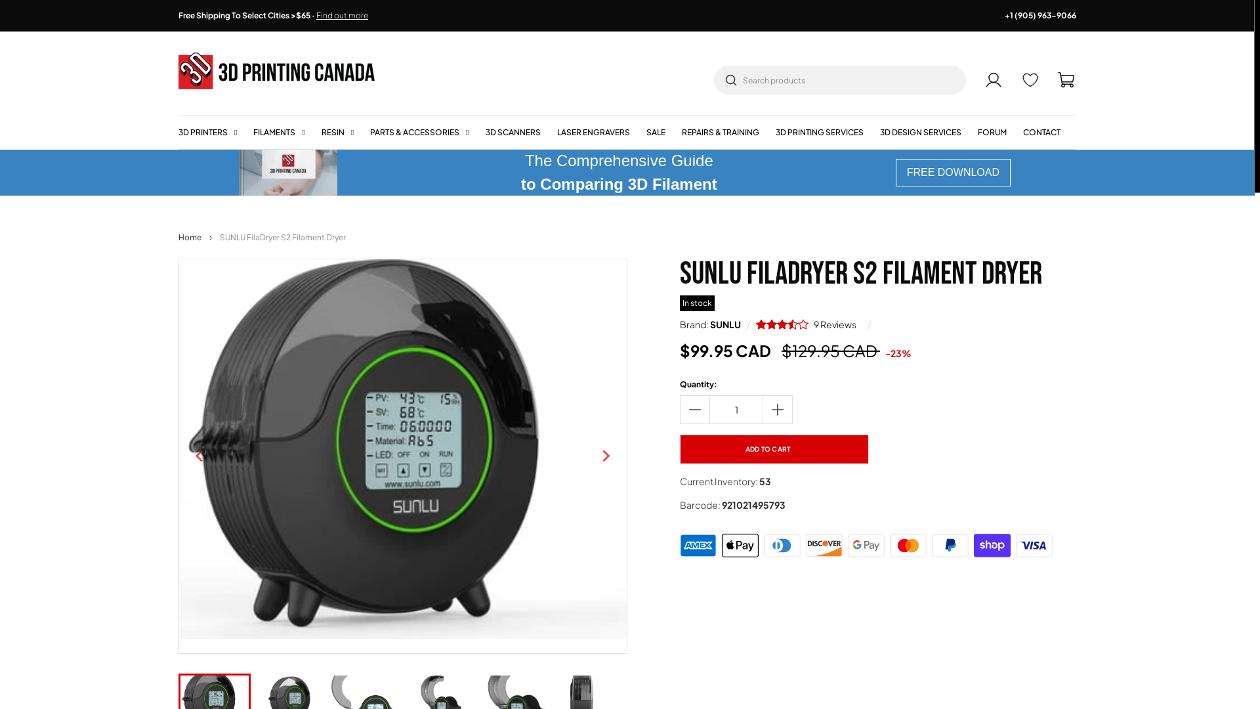 This screenshot has height=709, width=1260. I want to click on 'RESIN', so click(337, 132).